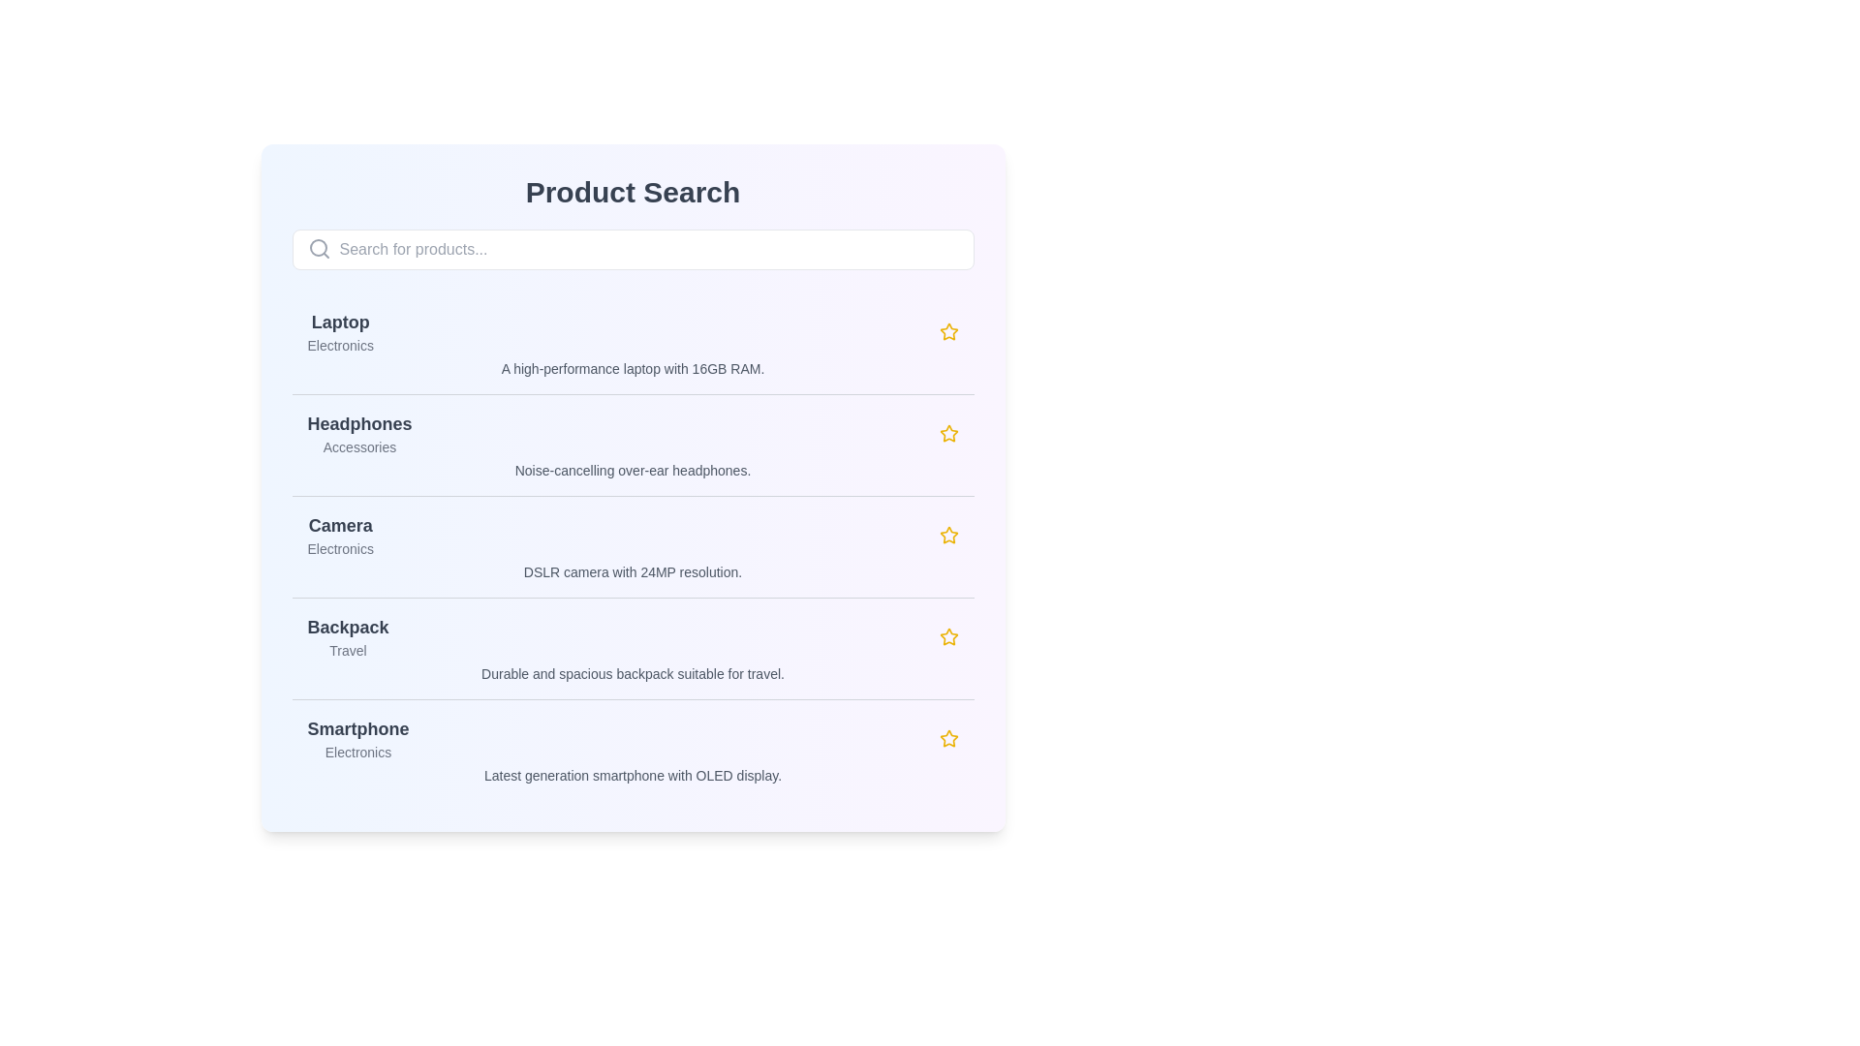 The width and height of the screenshot is (1860, 1046). What do you see at coordinates (948, 535) in the screenshot?
I see `the star icon indicating the favorite or bookmark feature for the 'Camera' product, which is aligned with the product name and description` at bounding box center [948, 535].